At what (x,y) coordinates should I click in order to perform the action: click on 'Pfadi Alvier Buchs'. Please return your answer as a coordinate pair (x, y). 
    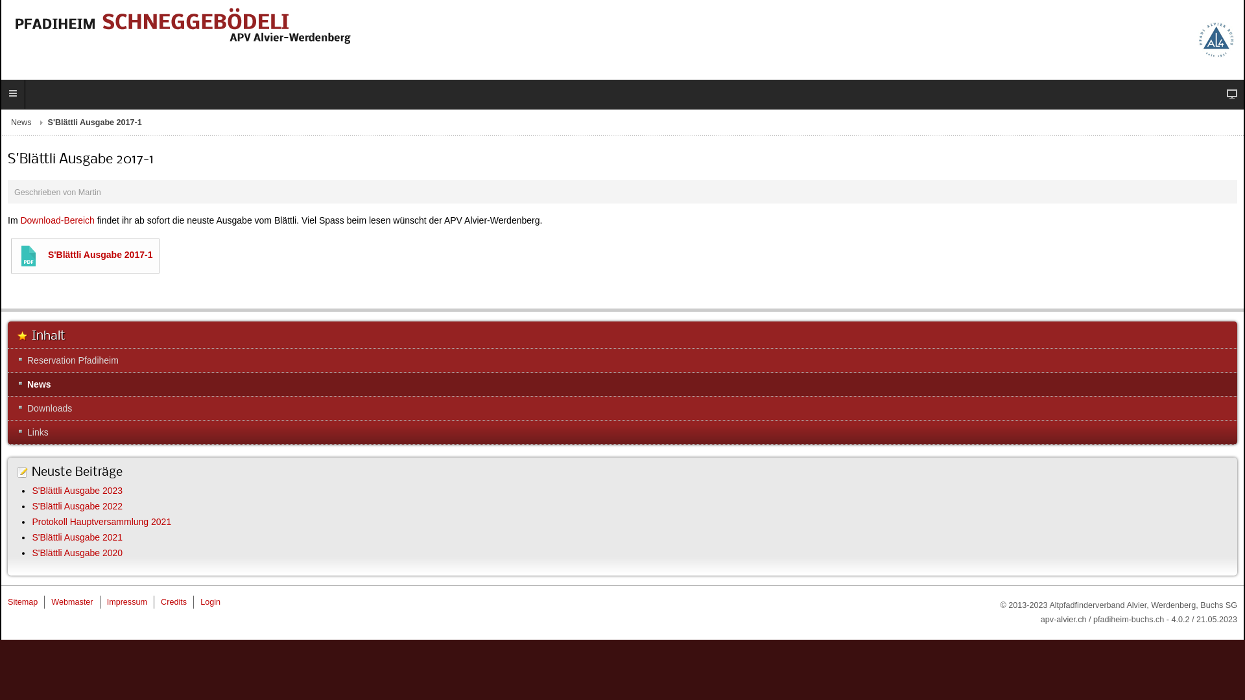
    Looking at the image, I should click on (1198, 38).